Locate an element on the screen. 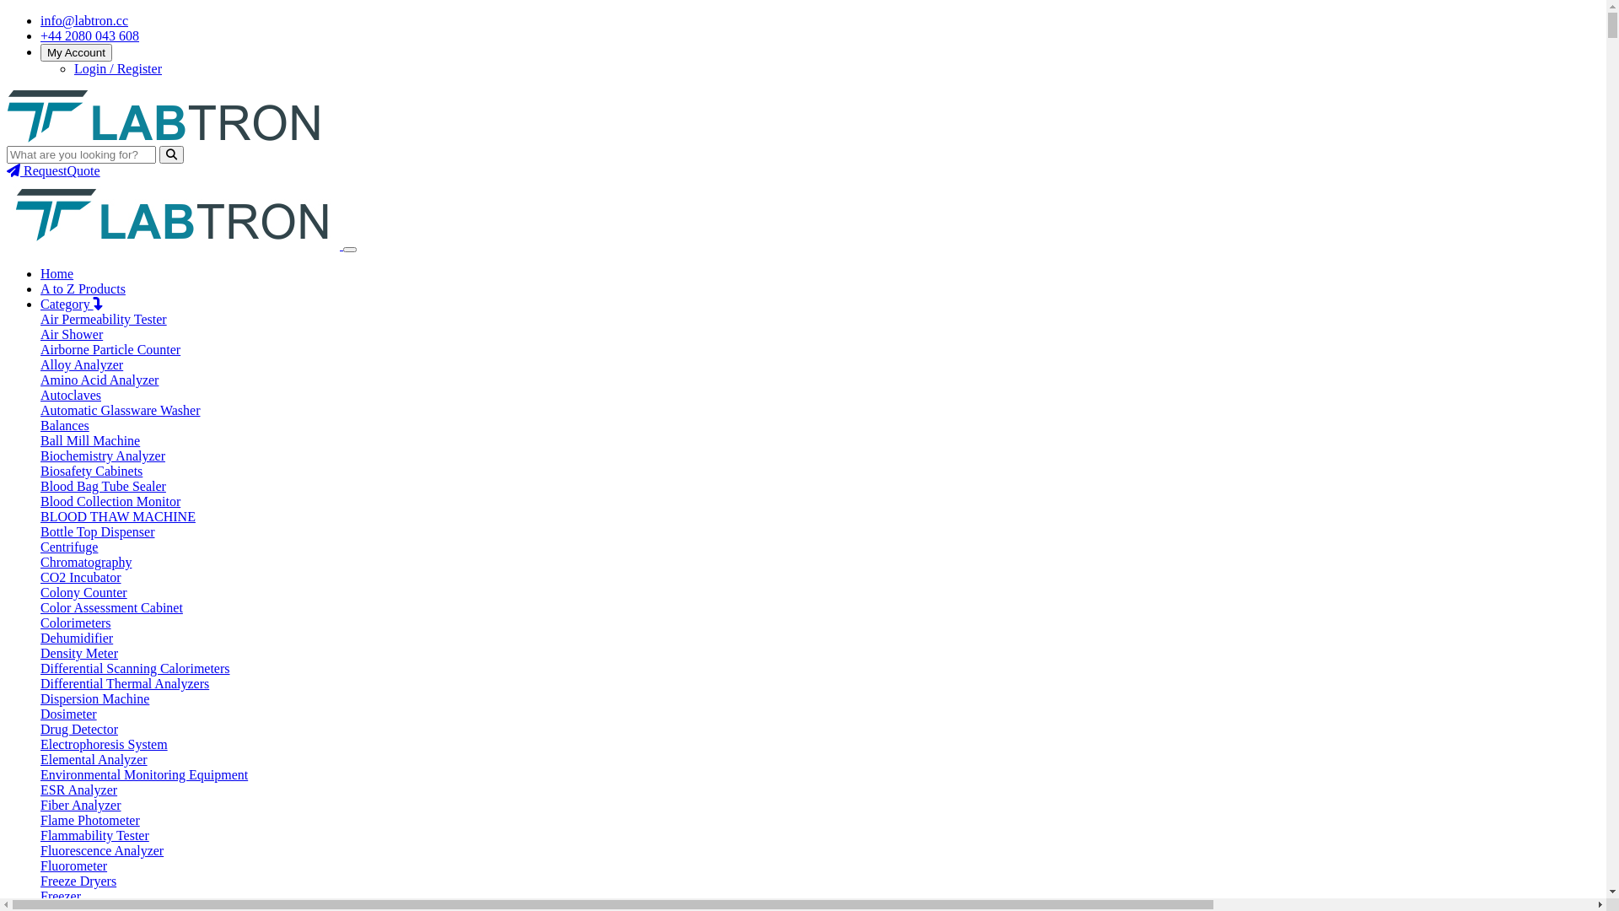 Image resolution: width=1619 pixels, height=911 pixels. 'Bottle Top Dispenser' is located at coordinates (96, 531).